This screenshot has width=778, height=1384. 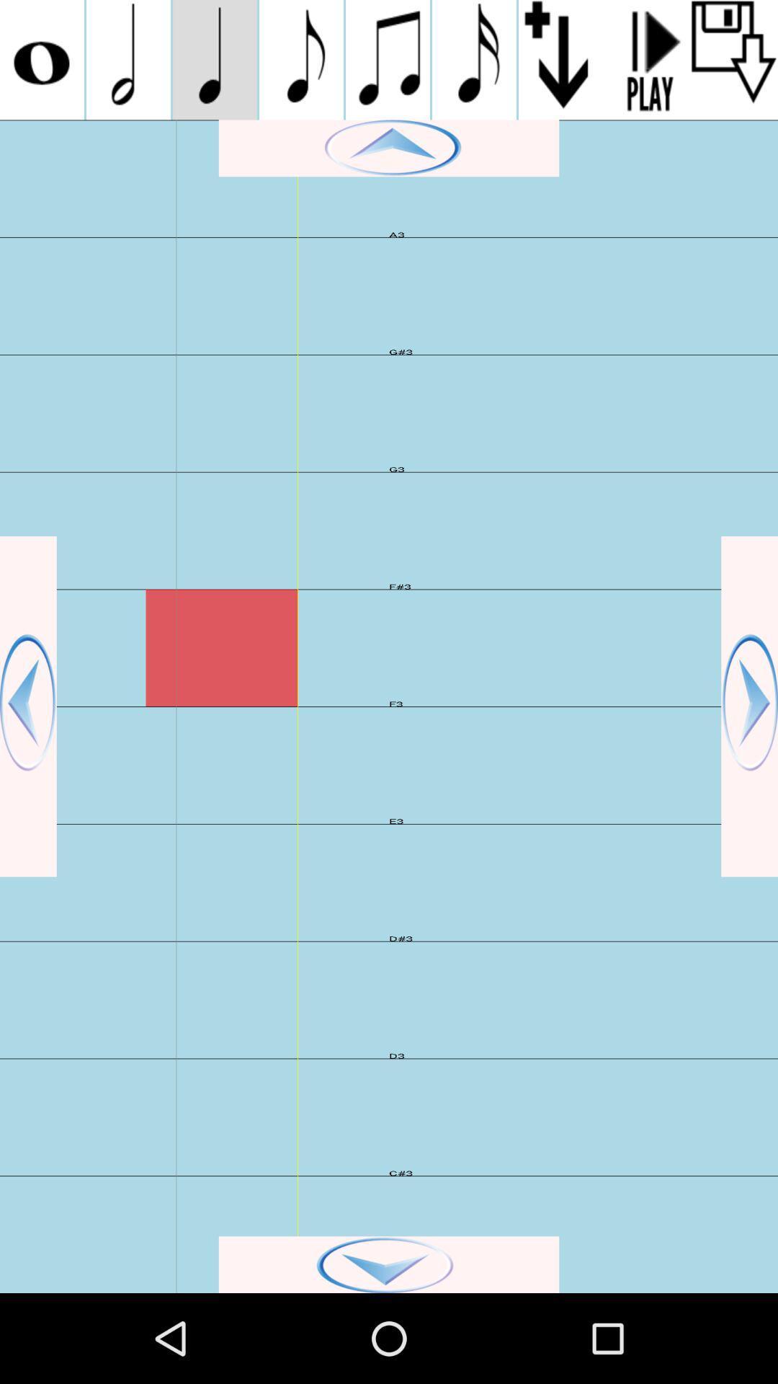 What do you see at coordinates (748, 706) in the screenshot?
I see `next page` at bounding box center [748, 706].